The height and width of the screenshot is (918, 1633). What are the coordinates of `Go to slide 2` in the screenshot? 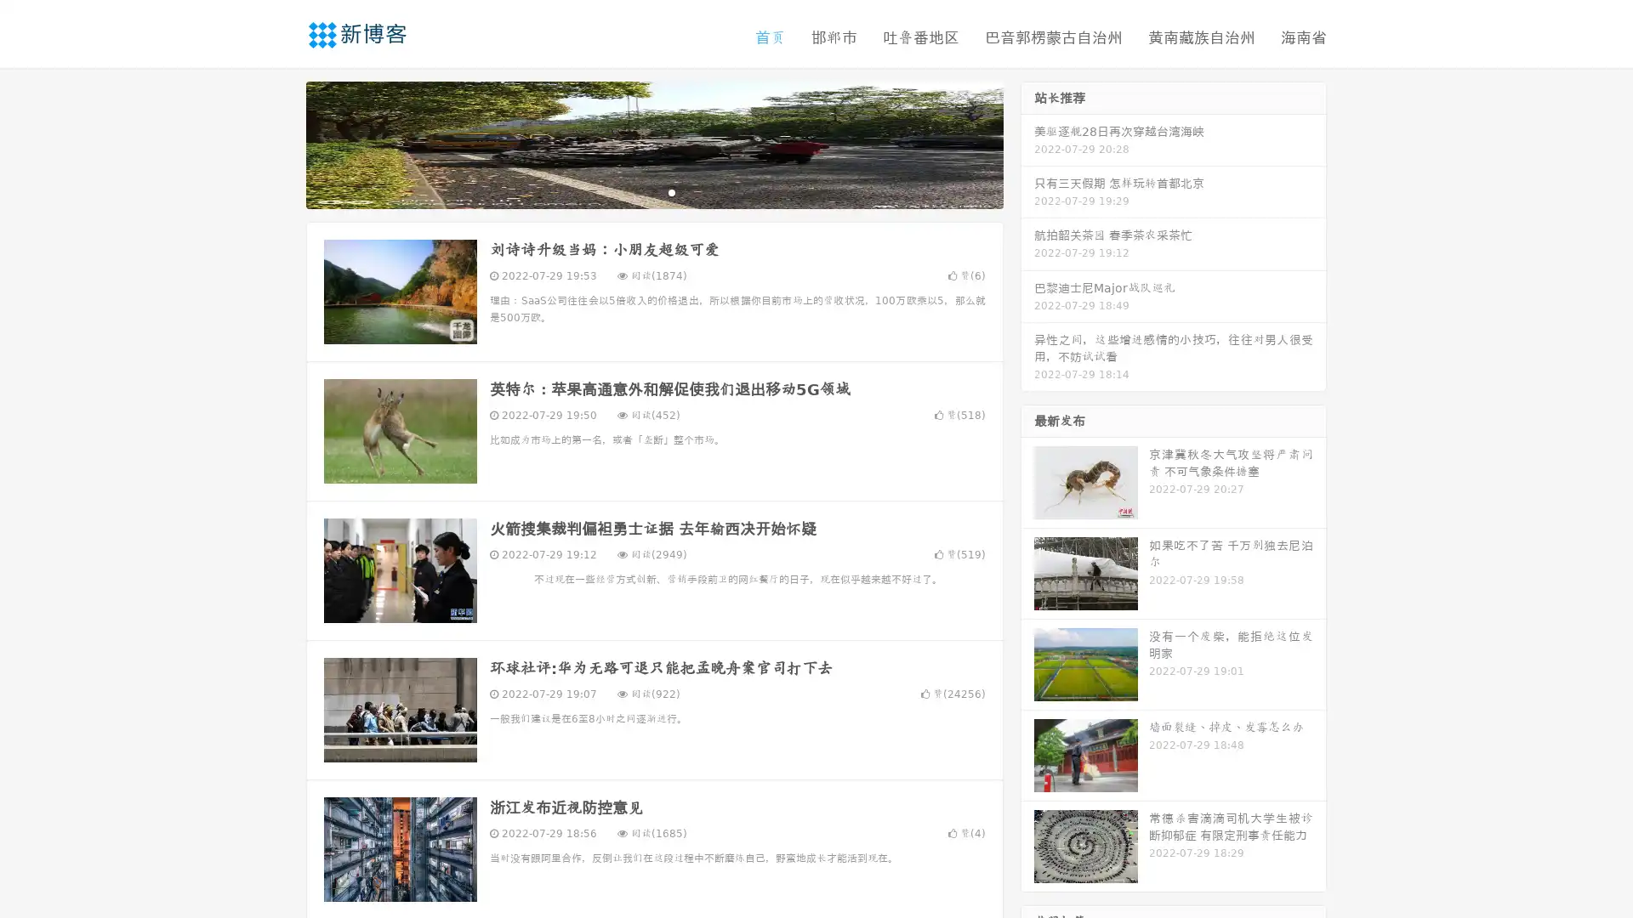 It's located at (653, 191).